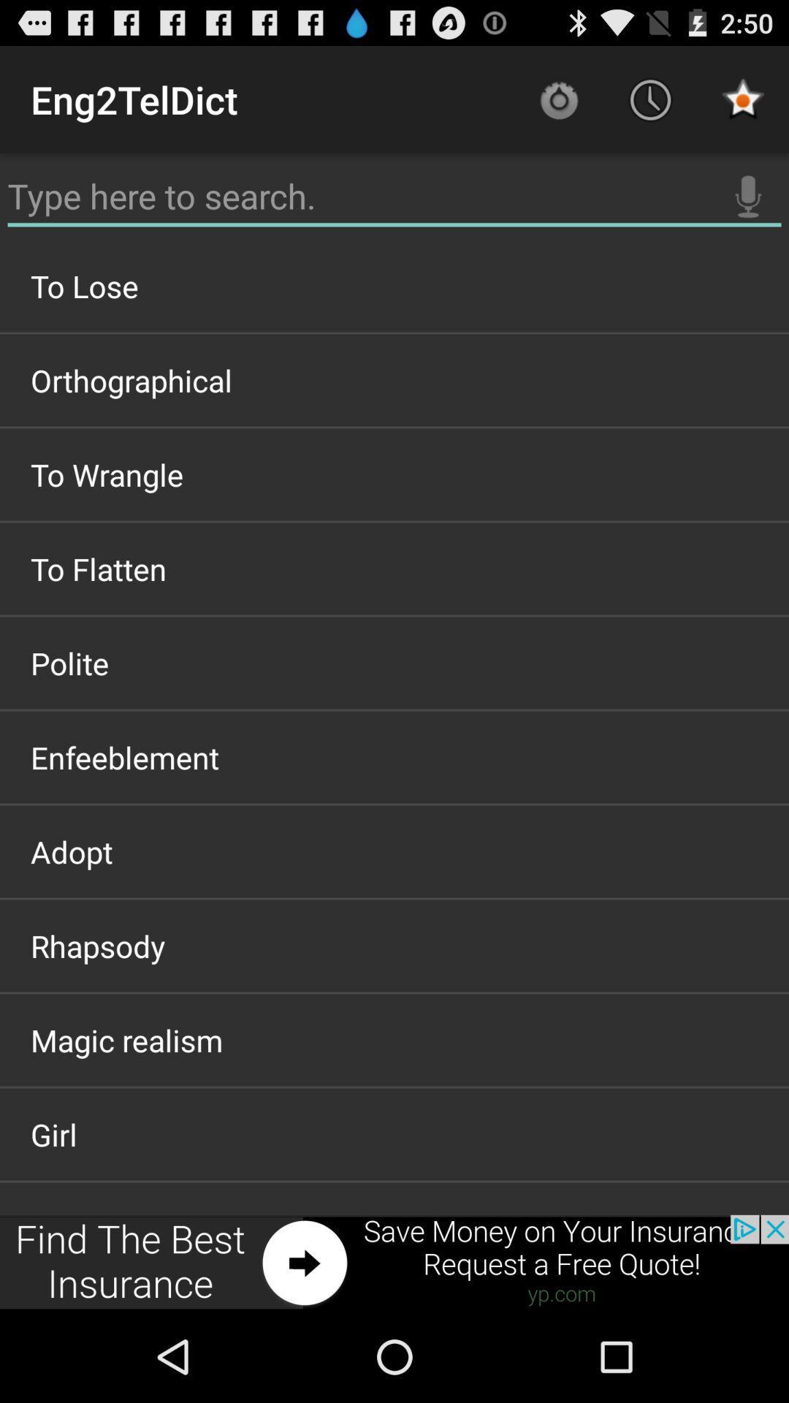  I want to click on item above the to lose icon, so click(394, 196).